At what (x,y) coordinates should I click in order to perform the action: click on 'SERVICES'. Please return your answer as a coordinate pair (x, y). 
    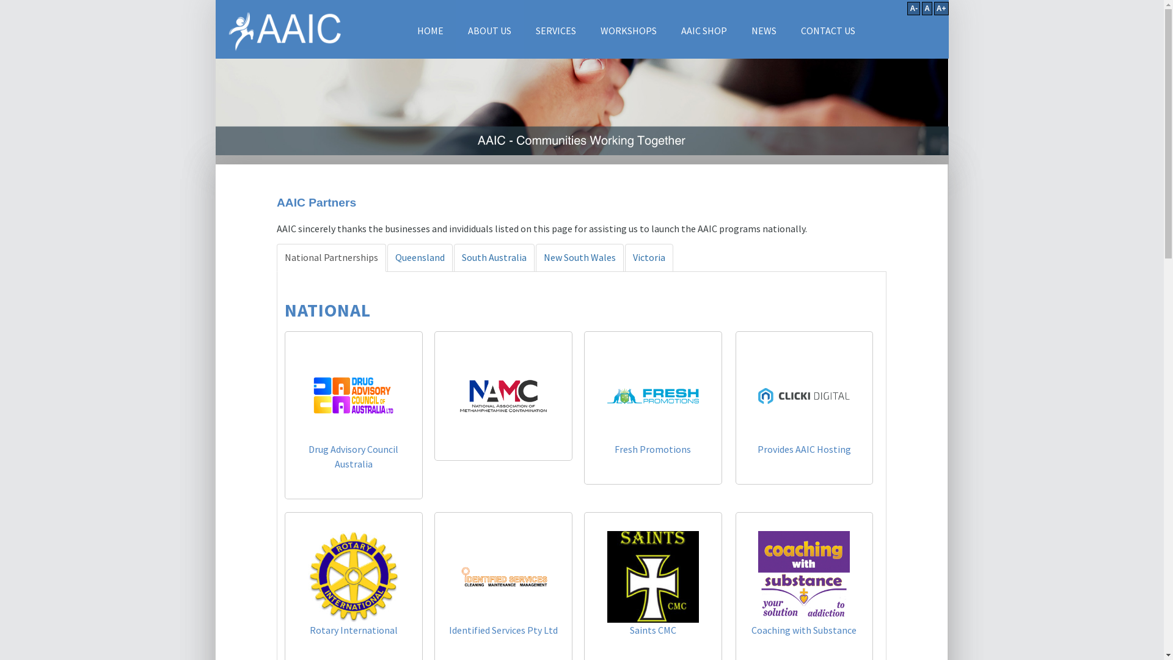
    Looking at the image, I should click on (554, 30).